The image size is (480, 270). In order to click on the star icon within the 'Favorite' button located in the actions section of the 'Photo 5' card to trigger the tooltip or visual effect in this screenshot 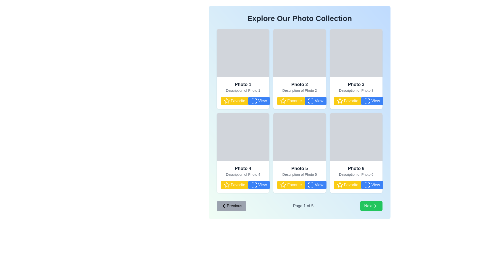, I will do `click(283, 185)`.